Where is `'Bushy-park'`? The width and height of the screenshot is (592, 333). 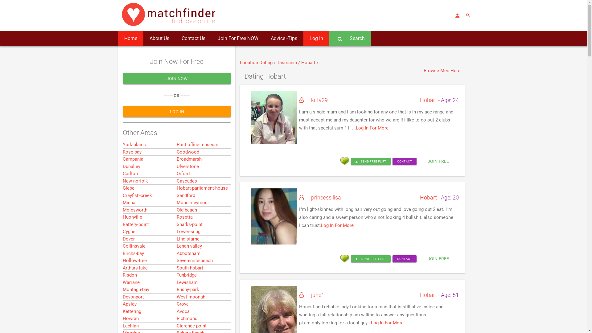
'Bushy-park' is located at coordinates (176, 289).